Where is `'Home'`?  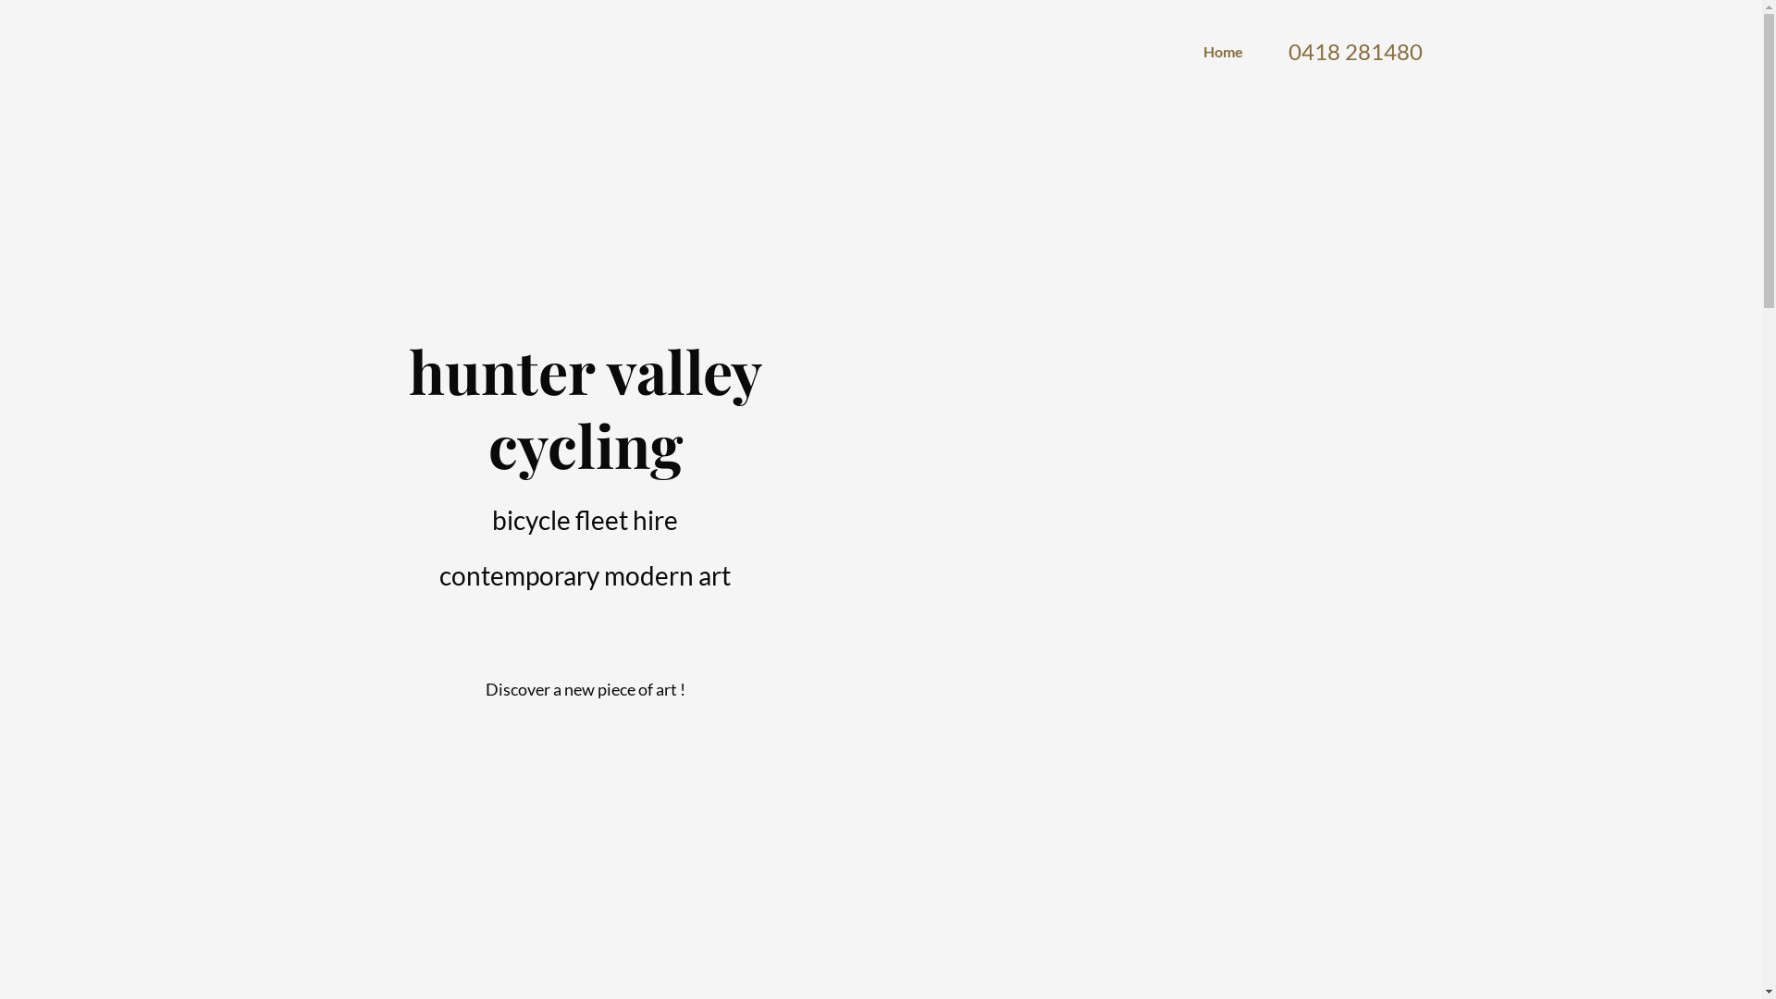
'Home' is located at coordinates (1222, 51).